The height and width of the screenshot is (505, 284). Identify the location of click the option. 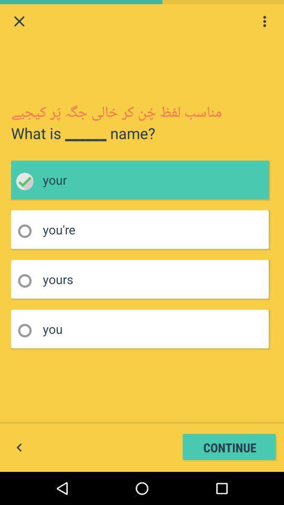
(28, 280).